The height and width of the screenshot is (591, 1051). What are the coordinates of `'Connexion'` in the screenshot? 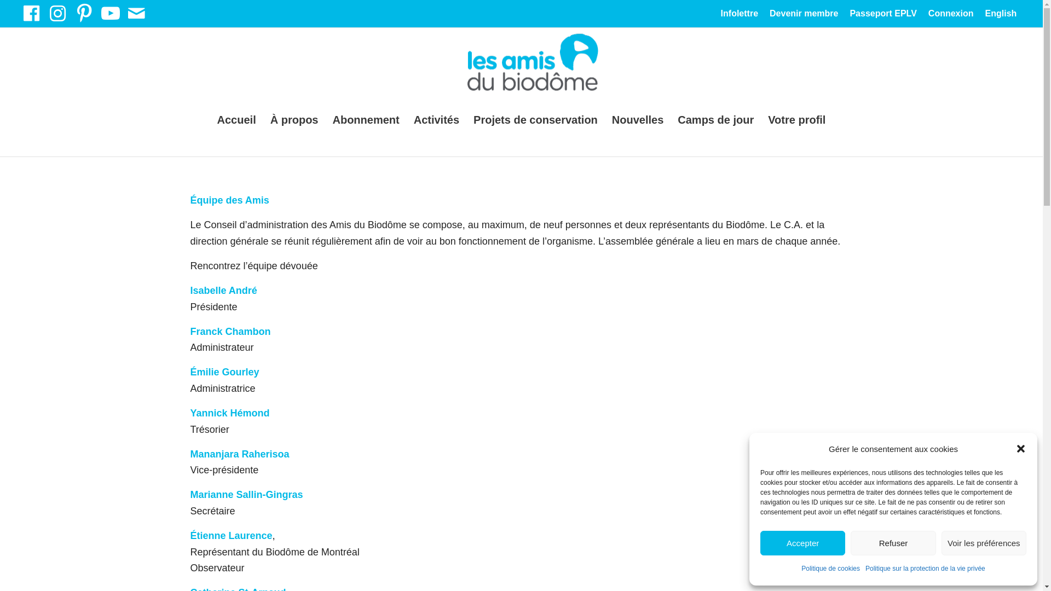 It's located at (950, 15).